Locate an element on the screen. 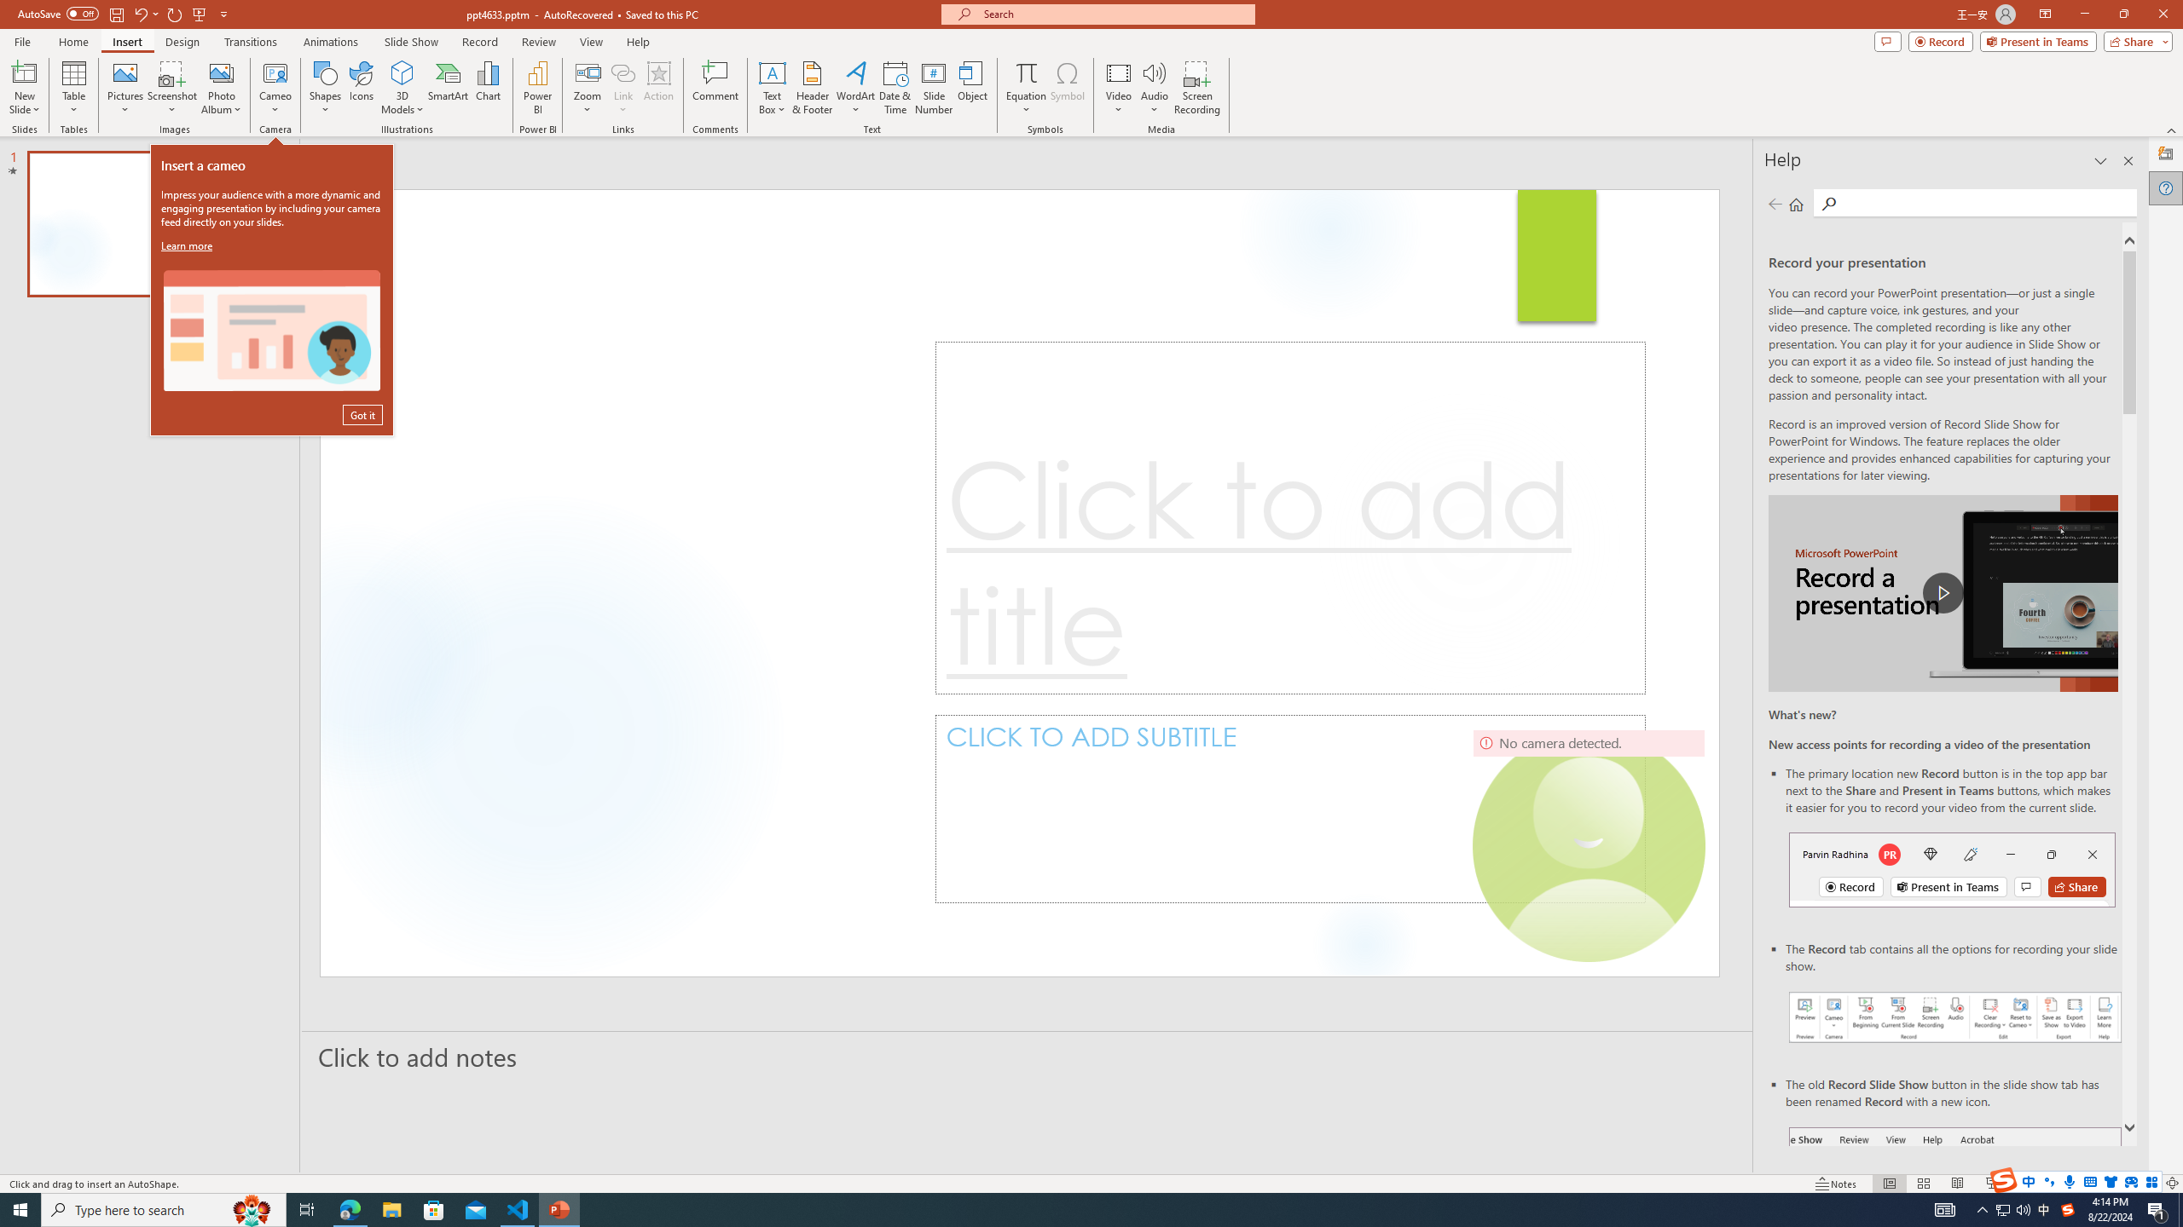 This screenshot has height=1227, width=2183. '3D Models' is located at coordinates (402, 72).